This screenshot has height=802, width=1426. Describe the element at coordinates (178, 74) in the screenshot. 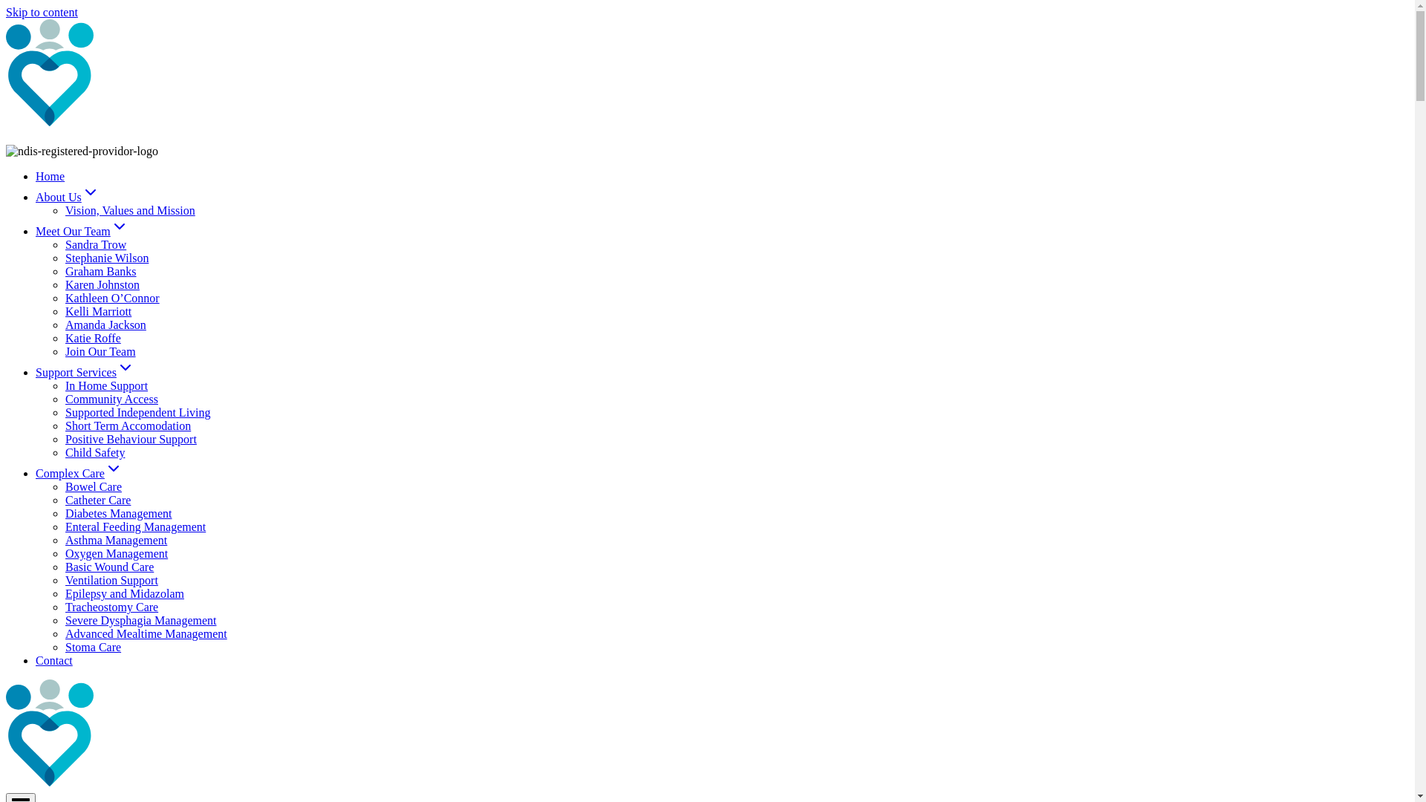

I see `'Inclusive Support Service logo - white text'` at that location.